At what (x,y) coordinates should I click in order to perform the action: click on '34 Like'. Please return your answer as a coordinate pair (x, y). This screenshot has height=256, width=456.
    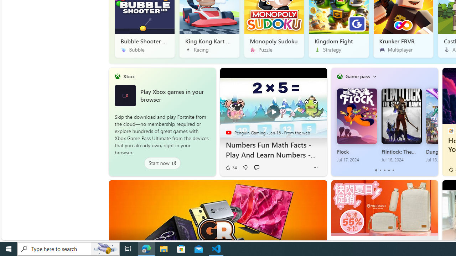
    Looking at the image, I should click on (231, 167).